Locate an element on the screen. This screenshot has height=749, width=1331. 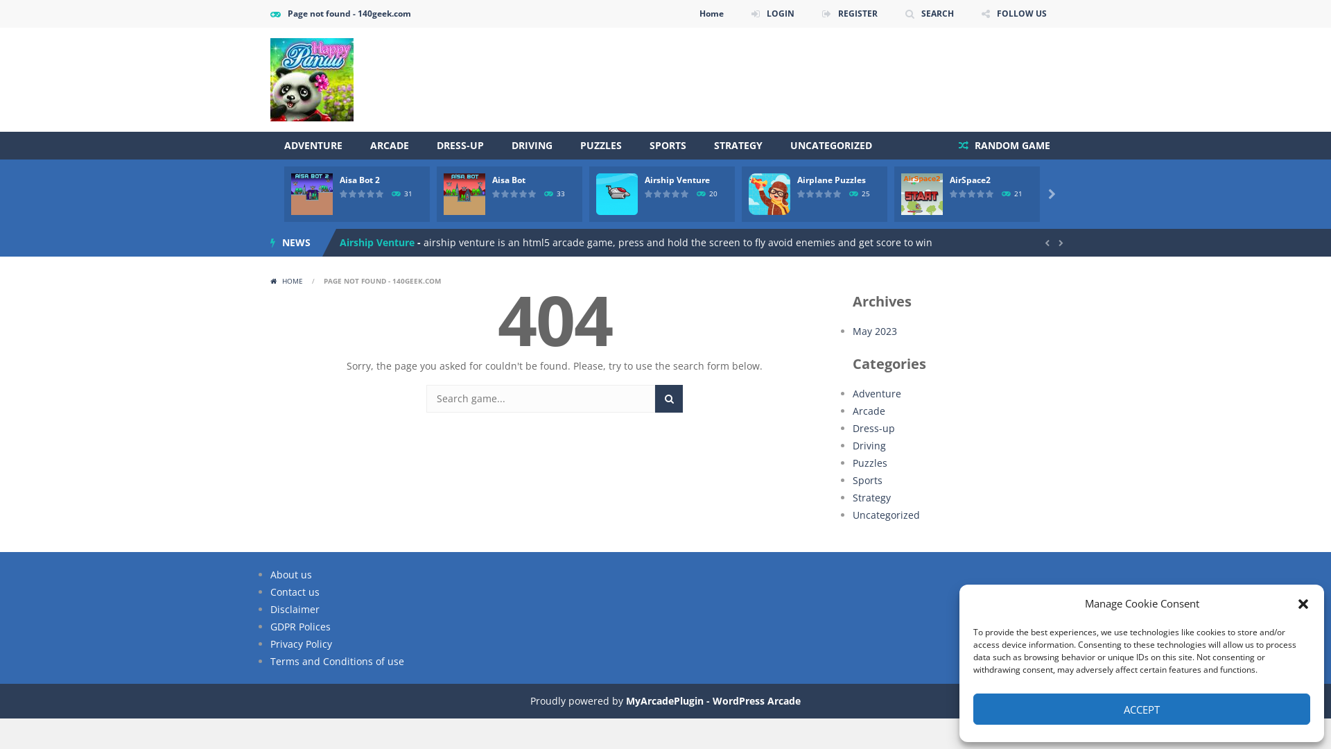
'Disclaimer' is located at coordinates (294, 608).